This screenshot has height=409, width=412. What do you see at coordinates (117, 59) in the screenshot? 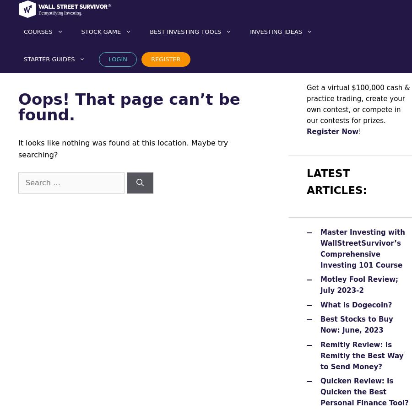
I see `'Login'` at bounding box center [117, 59].